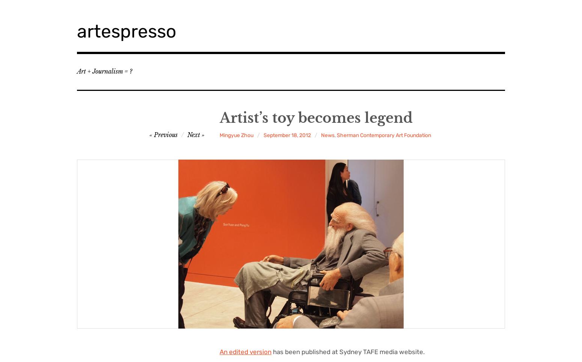 The image size is (582, 362). I want to click on 'Artist’s toy becomes legend', so click(315, 118).